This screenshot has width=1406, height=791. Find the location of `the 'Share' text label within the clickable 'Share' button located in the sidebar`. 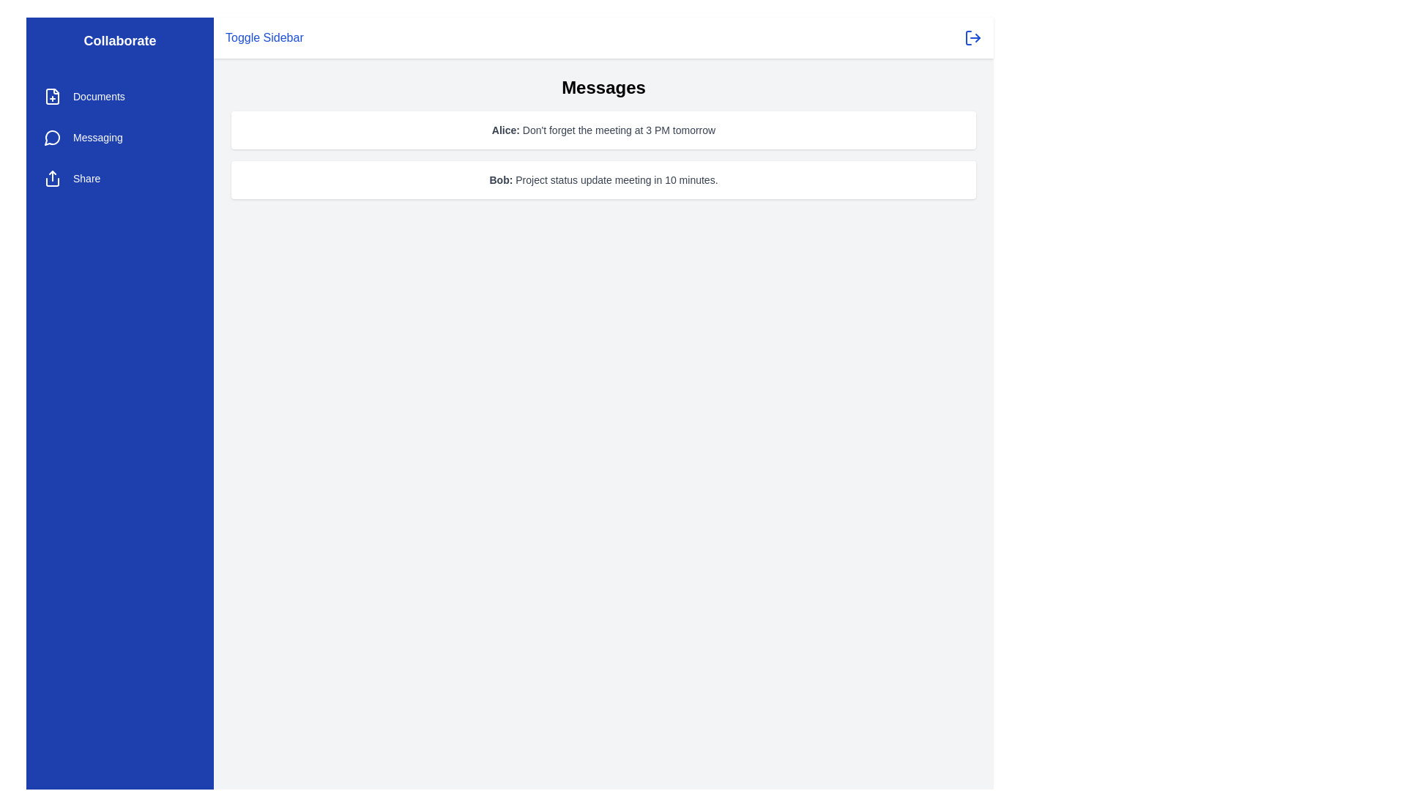

the 'Share' text label within the clickable 'Share' button located in the sidebar is located at coordinates (86, 177).